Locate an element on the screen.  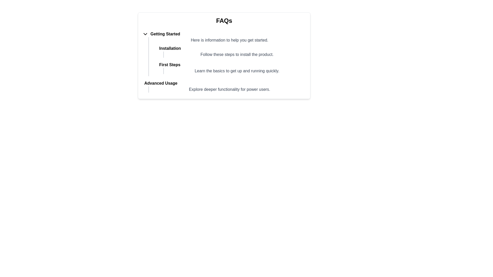
the text block titled 'Advanced Usage' that describes deeper functionality for power users is located at coordinates (224, 86).